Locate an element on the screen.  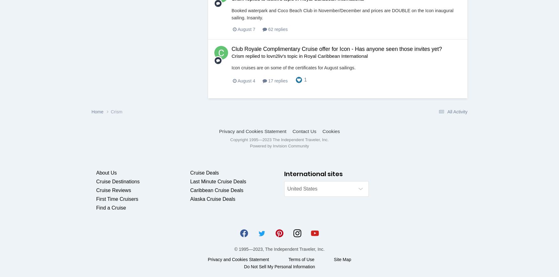
'Caribbean Cruise Deals' is located at coordinates (217, 190).